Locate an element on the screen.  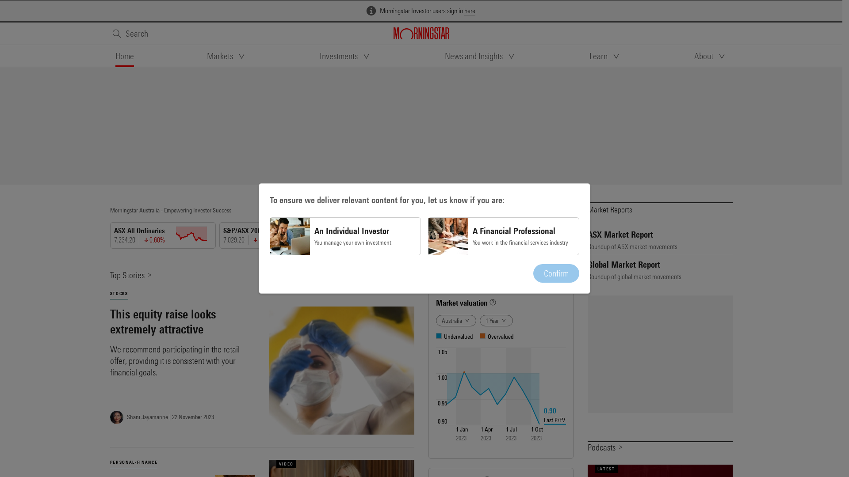
'Top Stories' is located at coordinates (130, 274).